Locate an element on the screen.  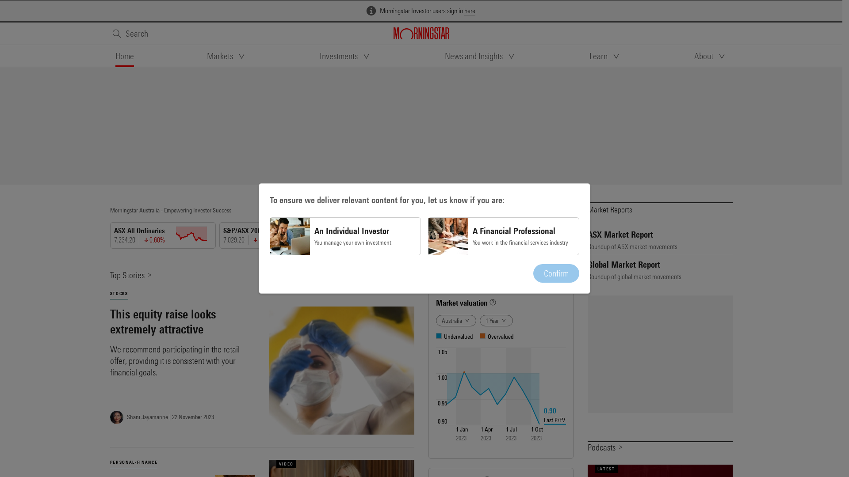
'Top Stories' is located at coordinates (130, 274).